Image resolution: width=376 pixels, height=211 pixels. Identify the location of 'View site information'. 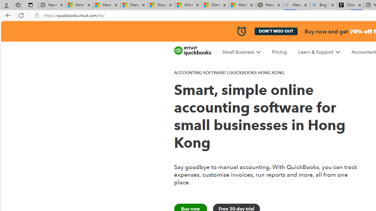
(37, 15).